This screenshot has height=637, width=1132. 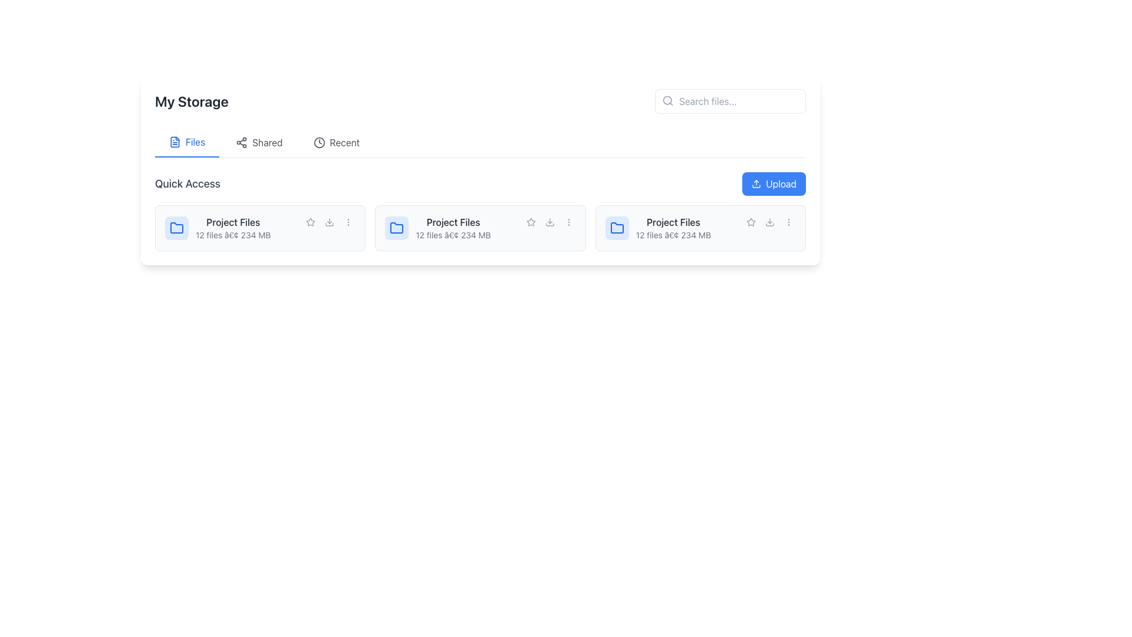 I want to click on the SVG circle element that is part of the clock icon located near the 'Recent' tab at the top center of the interface, so click(x=319, y=142).